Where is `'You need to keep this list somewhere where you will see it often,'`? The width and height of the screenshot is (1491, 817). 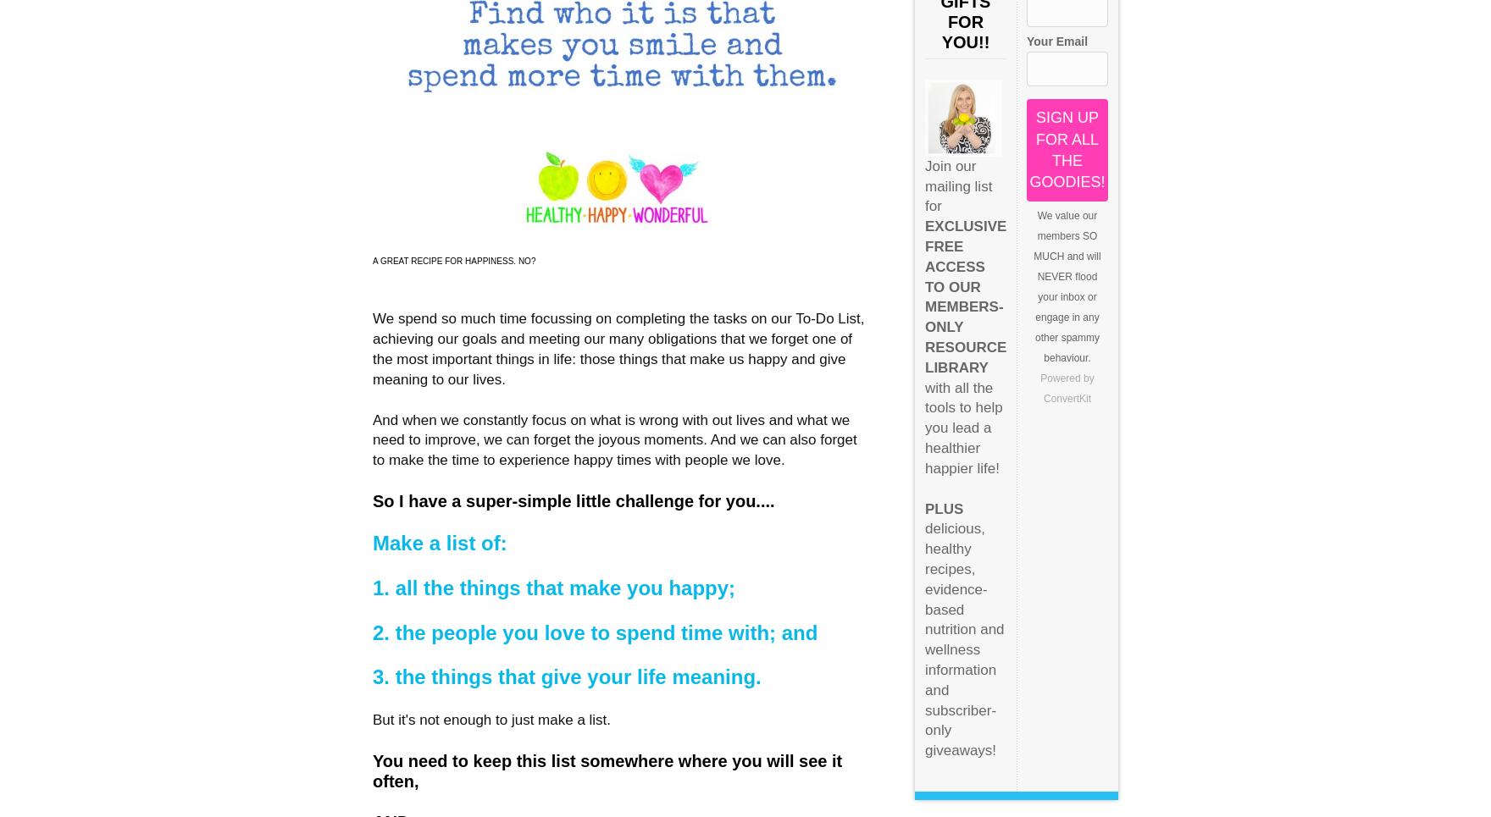
'You need to keep this list somewhere where you will see it often,' is located at coordinates (607, 769).